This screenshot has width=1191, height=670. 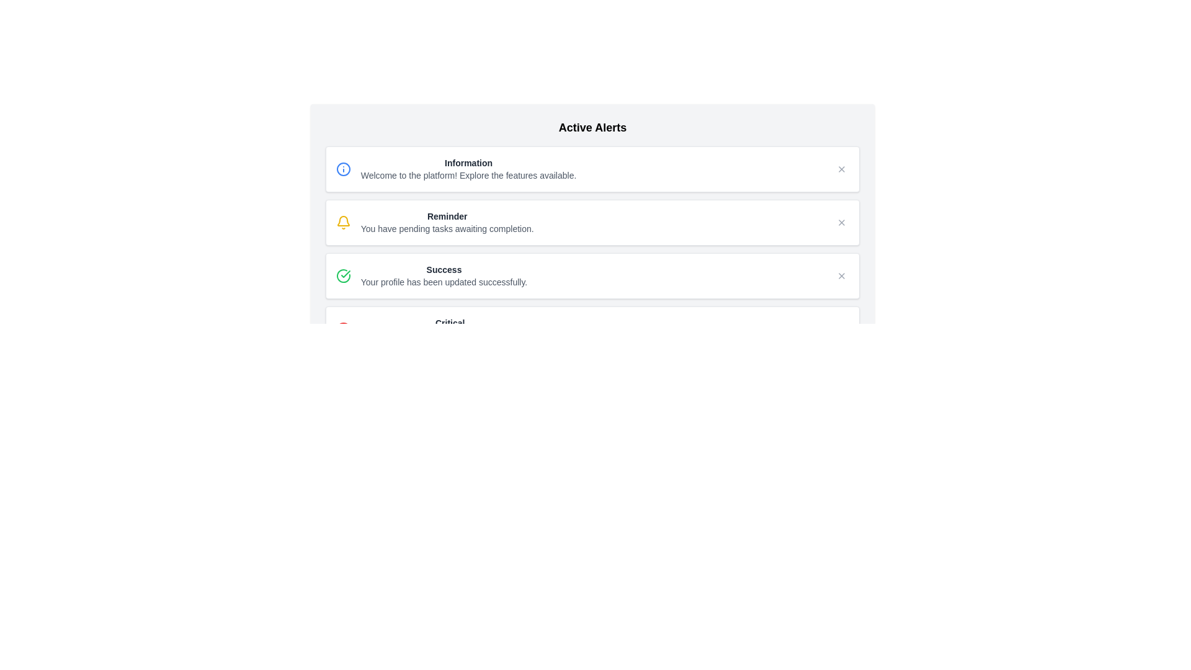 What do you see at coordinates (447, 215) in the screenshot?
I see `the title Text Label within the alert box that contains the 'Reminder' label and additional explanatory text` at bounding box center [447, 215].